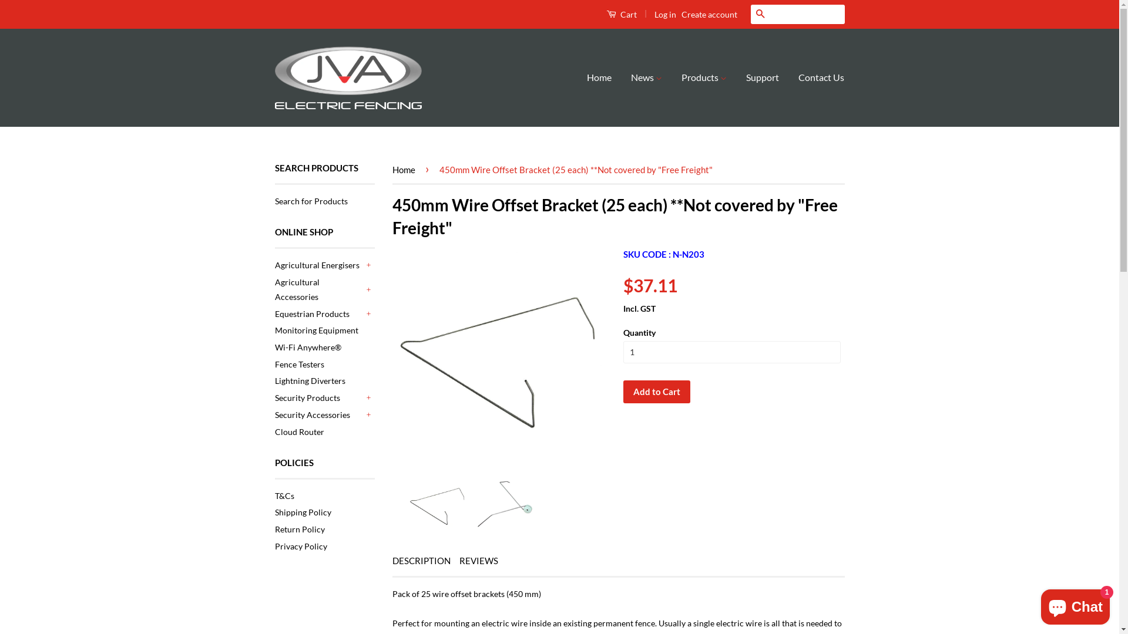 The height and width of the screenshot is (634, 1128). I want to click on 'Log in', so click(665, 14).